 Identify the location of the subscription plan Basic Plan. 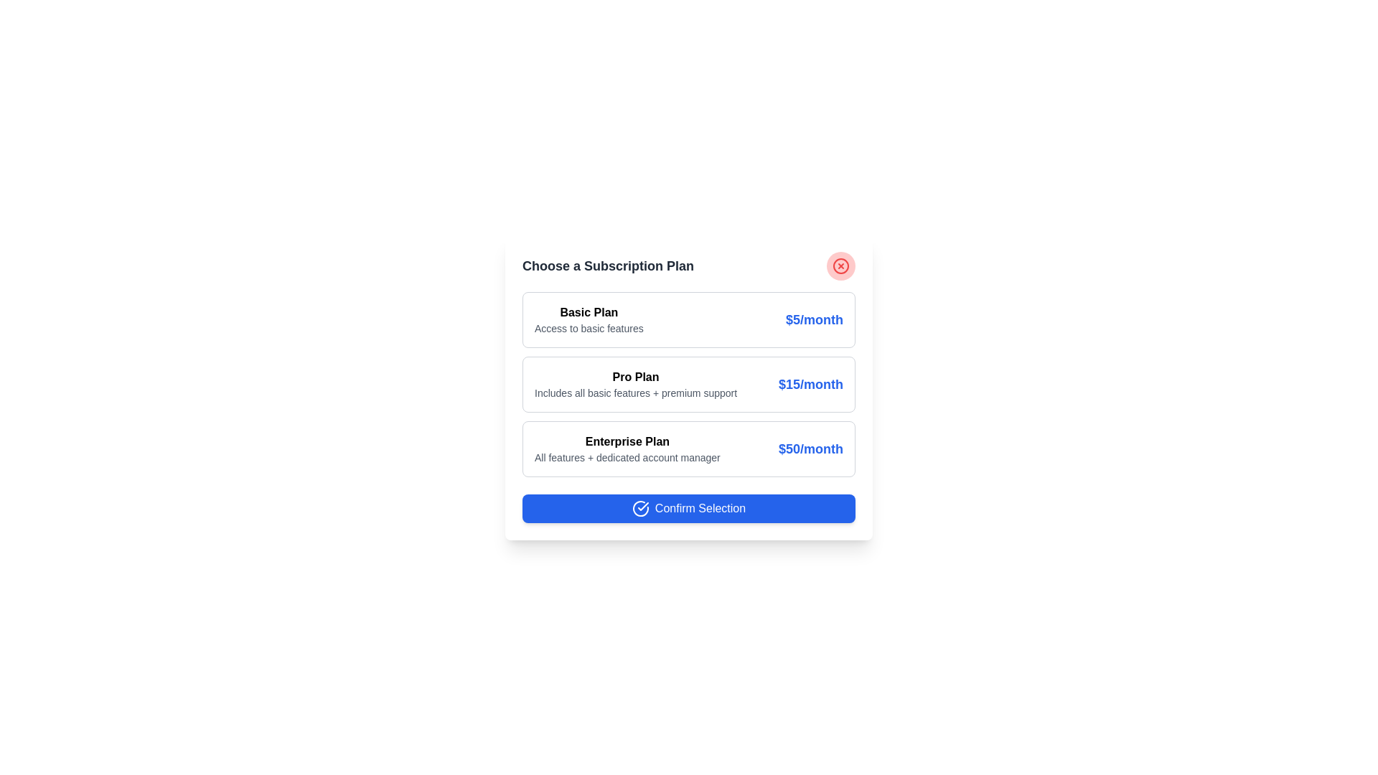
(689, 319).